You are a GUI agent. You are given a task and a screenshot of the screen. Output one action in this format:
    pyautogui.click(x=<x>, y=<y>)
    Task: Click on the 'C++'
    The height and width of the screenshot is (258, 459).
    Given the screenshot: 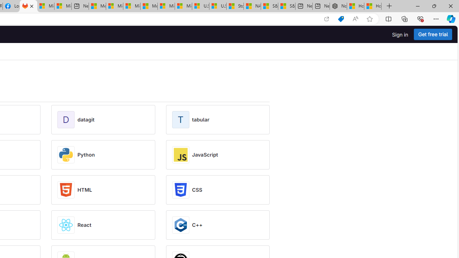 What is the action you would take?
    pyautogui.click(x=197, y=225)
    